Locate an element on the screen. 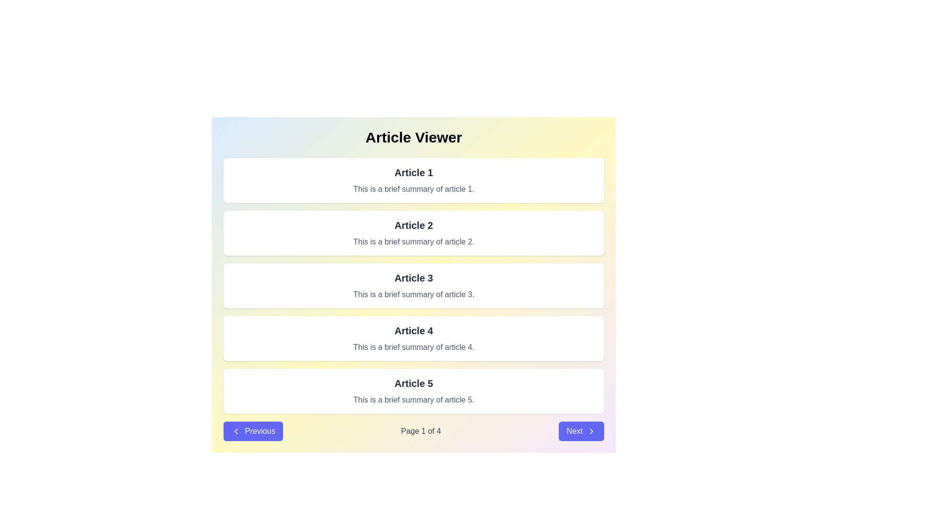 The height and width of the screenshot is (527, 937). the text element that provides a summary about Article 5, located below the header 'Article 5' in the bottommost article card is located at coordinates (414, 400).